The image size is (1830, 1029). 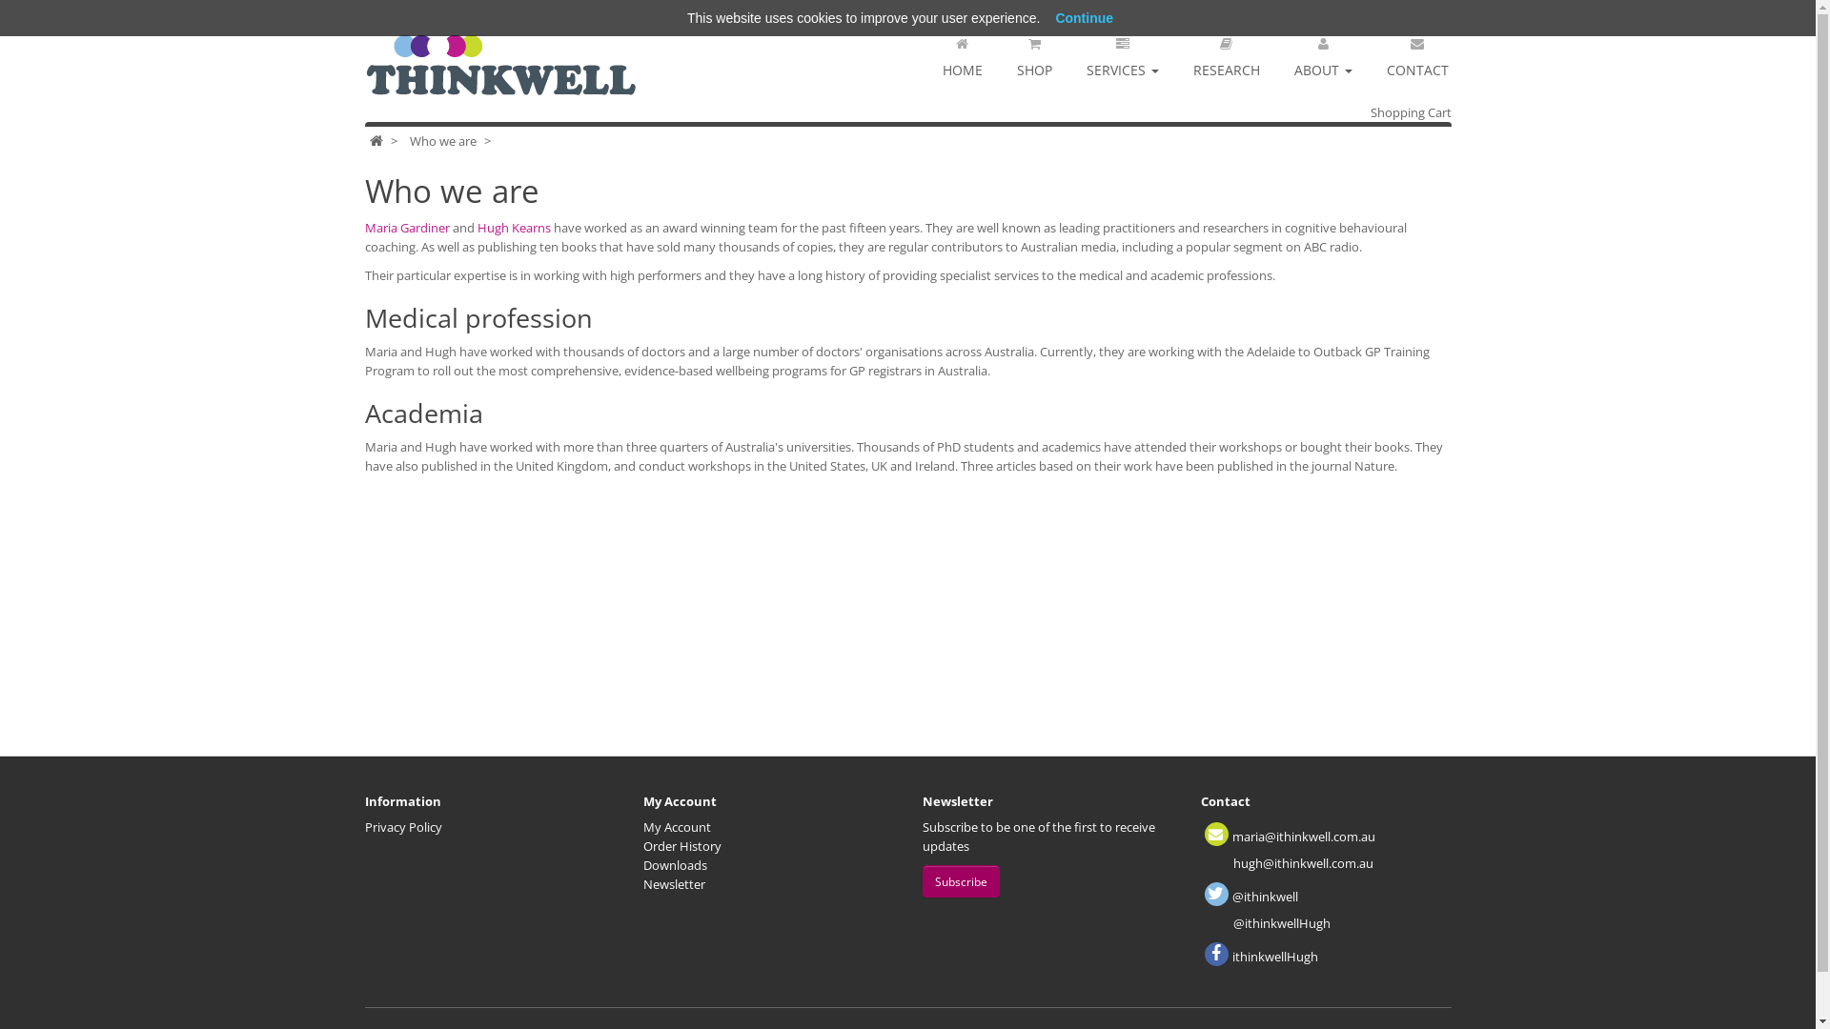 What do you see at coordinates (513, 227) in the screenshot?
I see `'Hugh Kearns'` at bounding box center [513, 227].